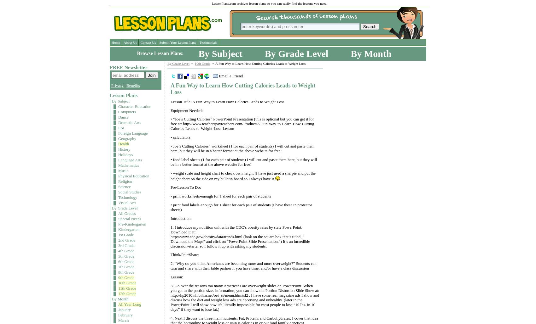 The image size is (536, 324). I want to click on '• print food labels-enough for 1 sheet for each pair of students (I have these in protector sheets)', so click(241, 207).